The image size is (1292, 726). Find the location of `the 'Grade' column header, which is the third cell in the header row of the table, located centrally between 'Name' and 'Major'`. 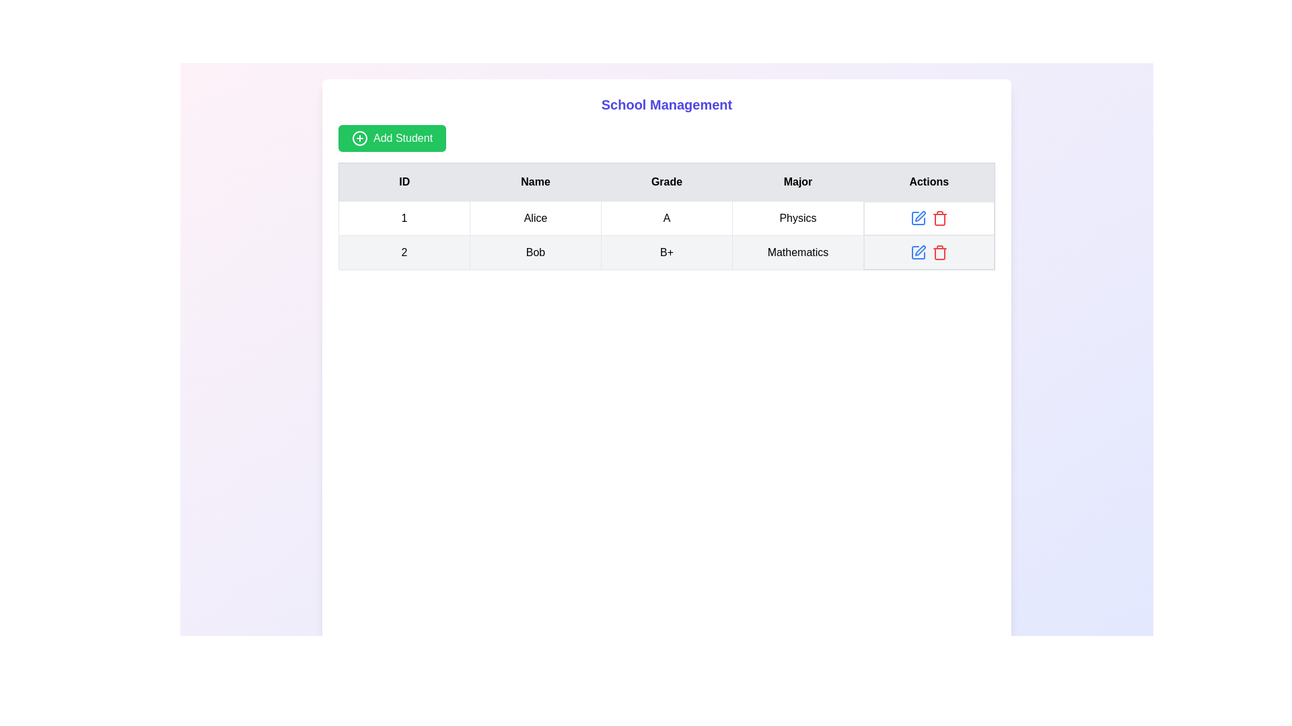

the 'Grade' column header, which is the third cell in the header row of the table, located centrally between 'Name' and 'Major' is located at coordinates (666, 182).